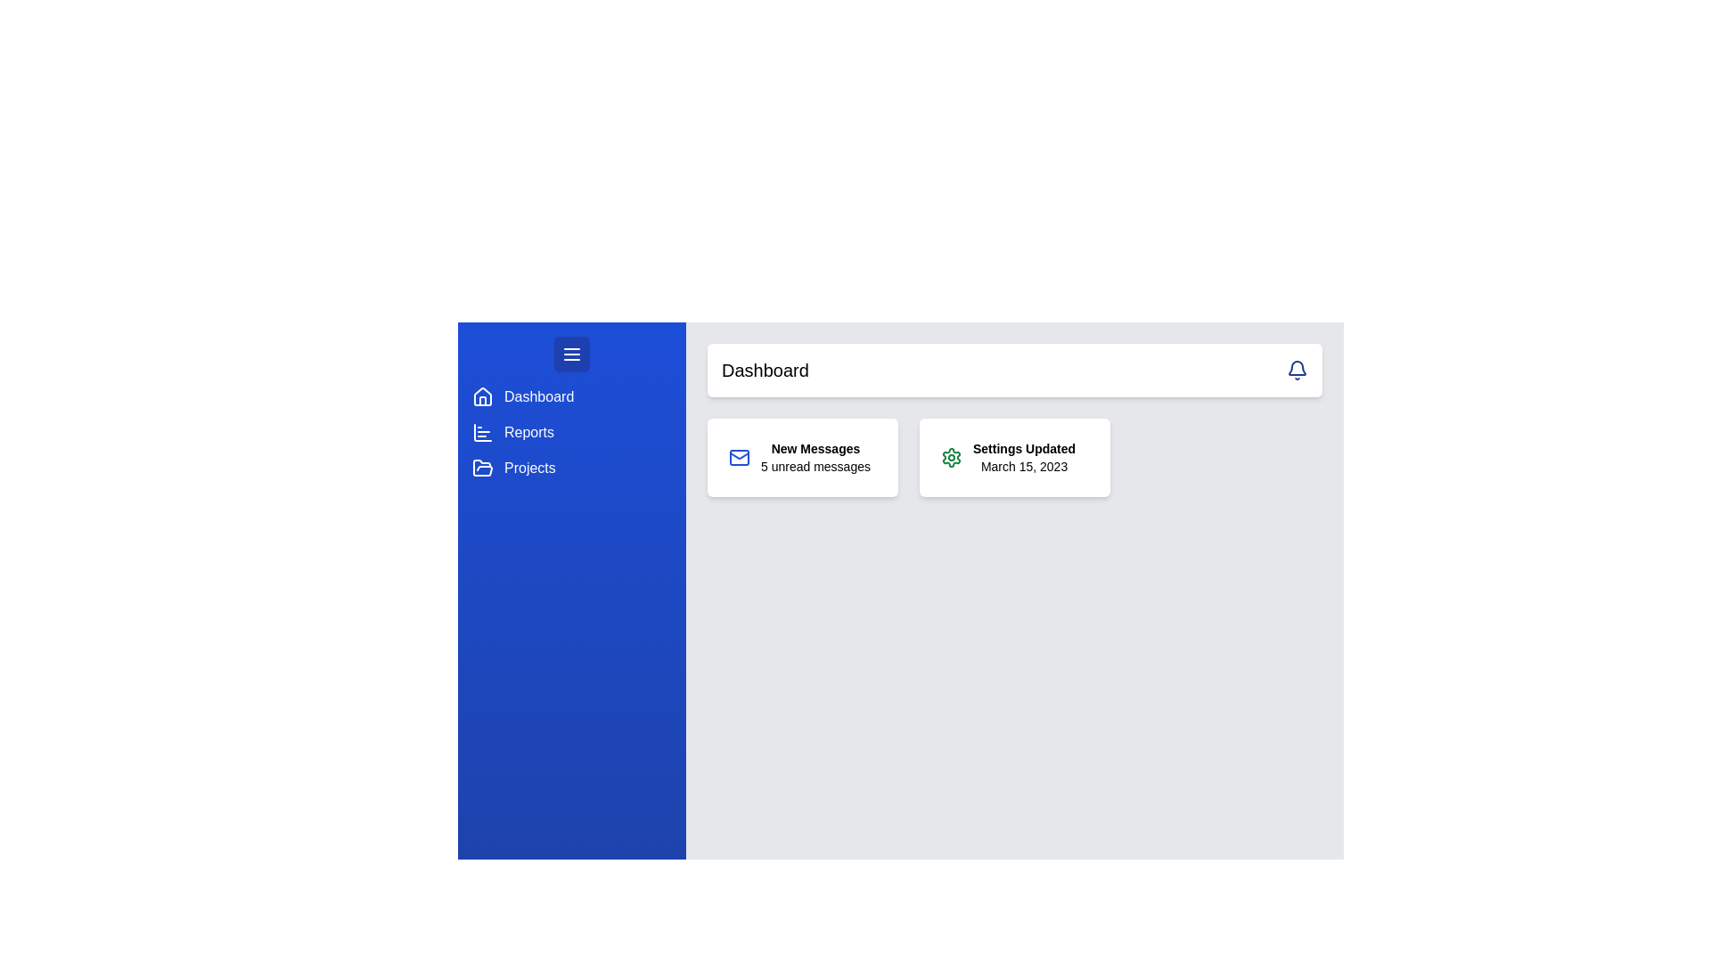 This screenshot has height=962, width=1711. What do you see at coordinates (572, 433) in the screenshot?
I see `the second item in the vertical navigation menu, which links to the 'Reports' page, to trigger a tooltip or highlight` at bounding box center [572, 433].